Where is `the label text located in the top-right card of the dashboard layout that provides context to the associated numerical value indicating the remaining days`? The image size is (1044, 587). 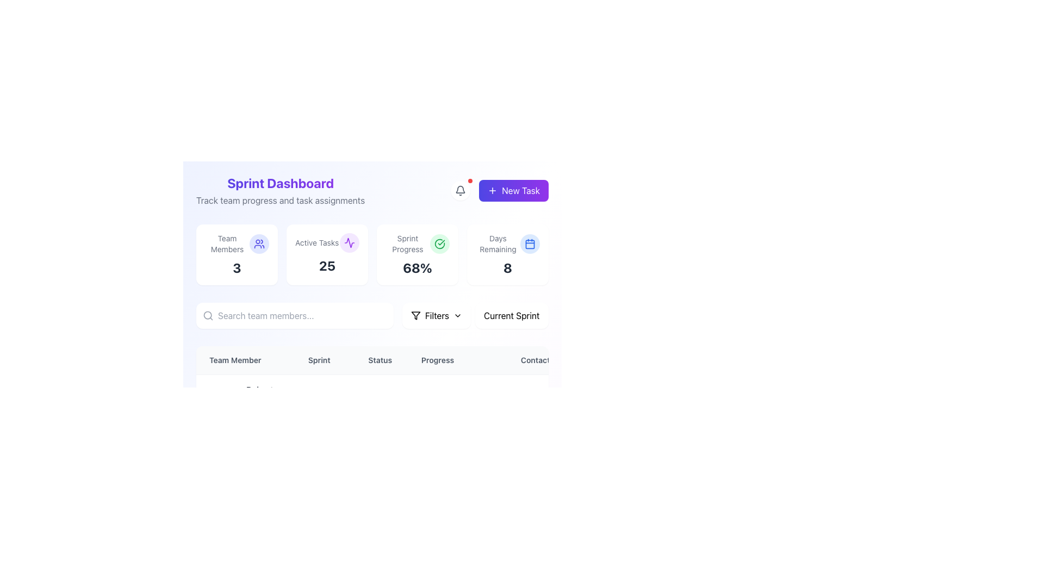 the label text located in the top-right card of the dashboard layout that provides context to the associated numerical value indicating the remaining days is located at coordinates (498, 243).